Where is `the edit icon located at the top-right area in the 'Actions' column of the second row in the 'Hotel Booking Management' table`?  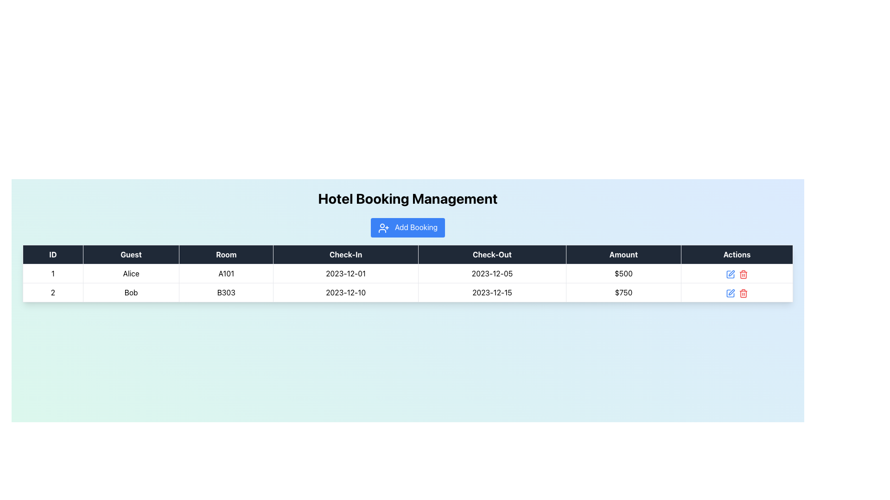
the edit icon located at the top-right area in the 'Actions' column of the second row in the 'Hotel Booking Management' table is located at coordinates (730, 293).